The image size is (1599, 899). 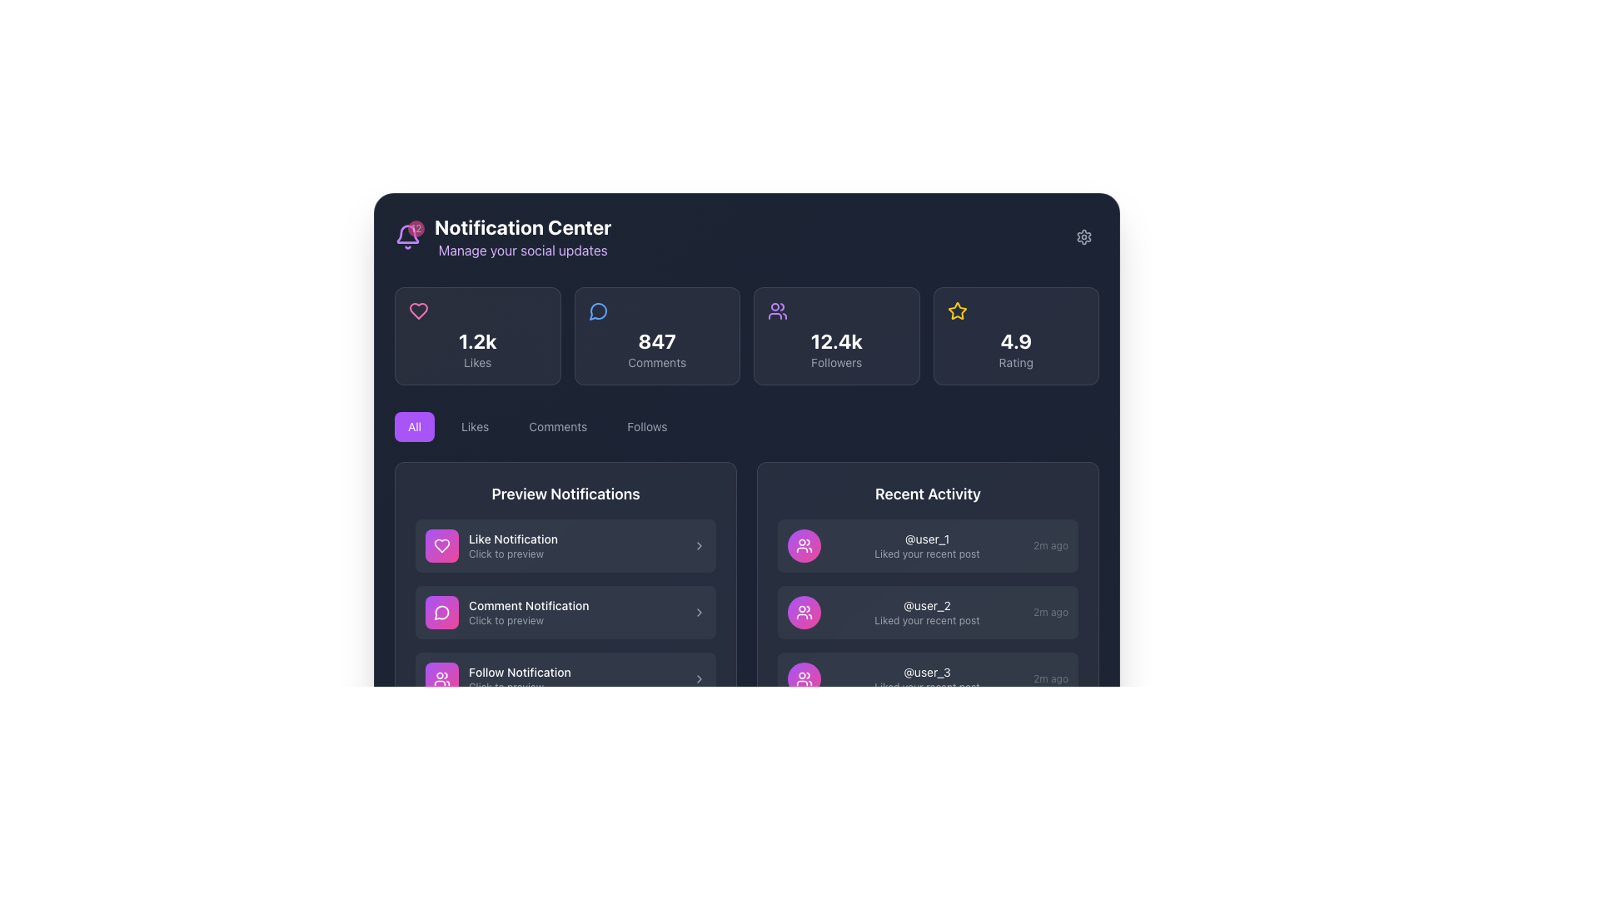 What do you see at coordinates (646, 426) in the screenshot?
I see `the 'Follows' button, which is a rectangular button with light gray text, positioned as the fourth button in a horizontal menu` at bounding box center [646, 426].